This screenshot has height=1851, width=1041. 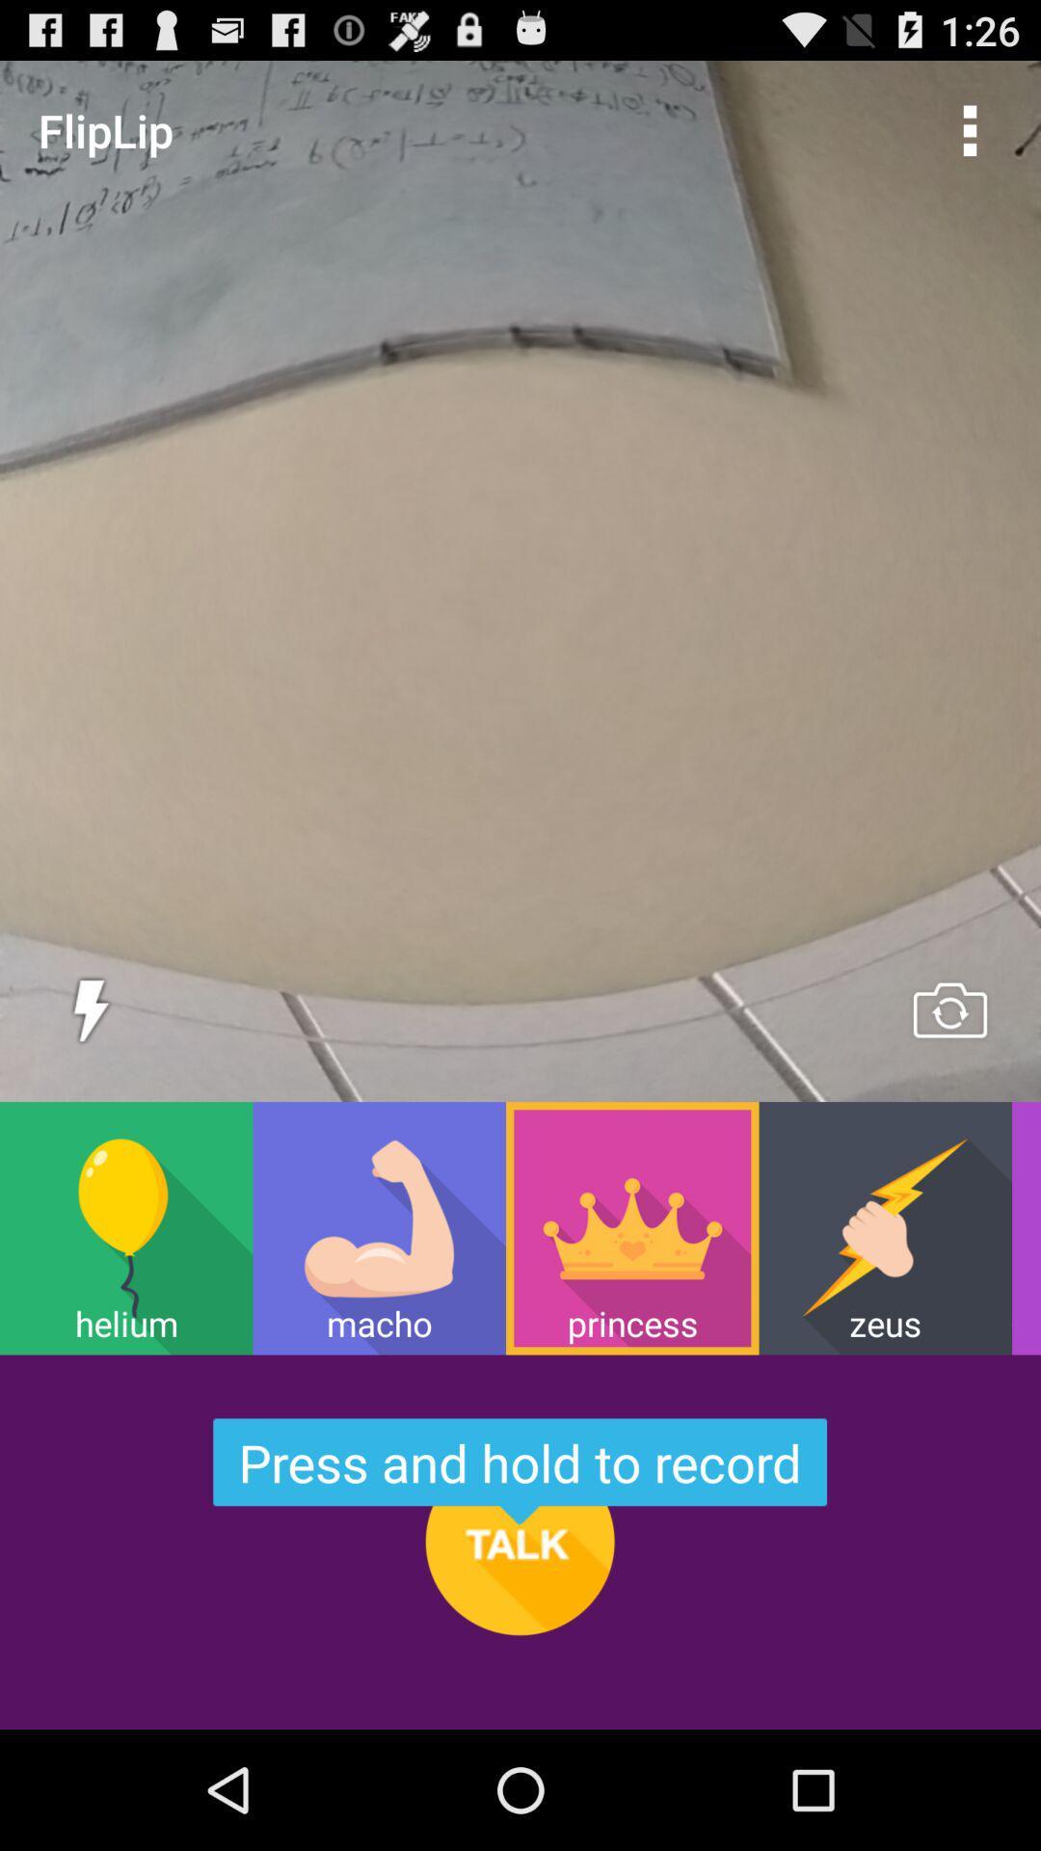 I want to click on the icon to the right of the macho item, so click(x=632, y=1227).